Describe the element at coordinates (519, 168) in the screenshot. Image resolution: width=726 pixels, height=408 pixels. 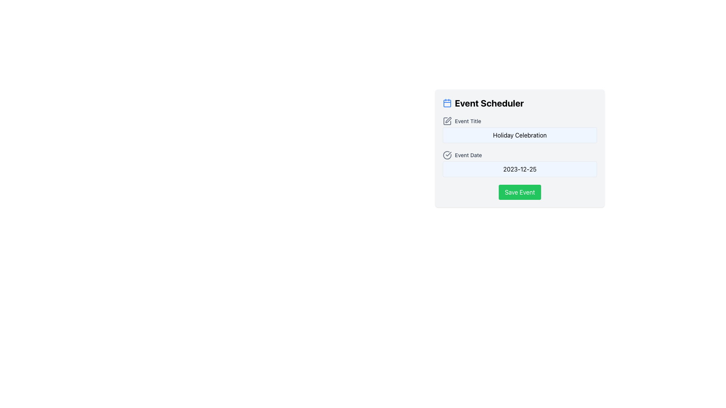
I see `the static display element that shows the date '2023-12-25' with a light blue background, located below the 'Event Date' label in the 'Event Scheduler' section` at that location.